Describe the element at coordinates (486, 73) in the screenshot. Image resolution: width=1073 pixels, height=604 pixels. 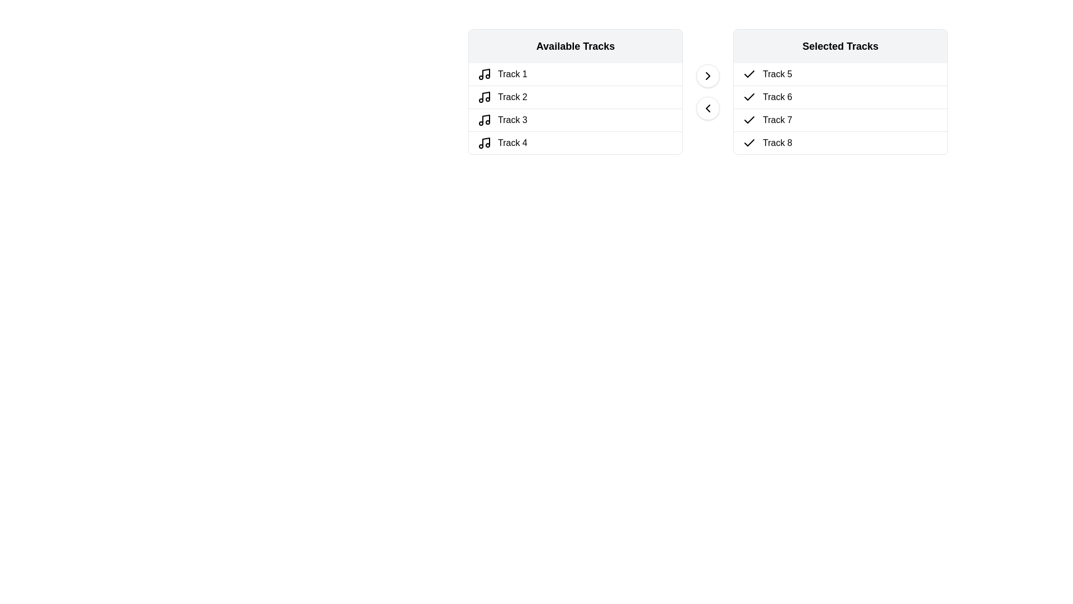
I see `the vertical line segment of the music note icon for 'Track 1' in the 'Available Tracks' section` at that location.